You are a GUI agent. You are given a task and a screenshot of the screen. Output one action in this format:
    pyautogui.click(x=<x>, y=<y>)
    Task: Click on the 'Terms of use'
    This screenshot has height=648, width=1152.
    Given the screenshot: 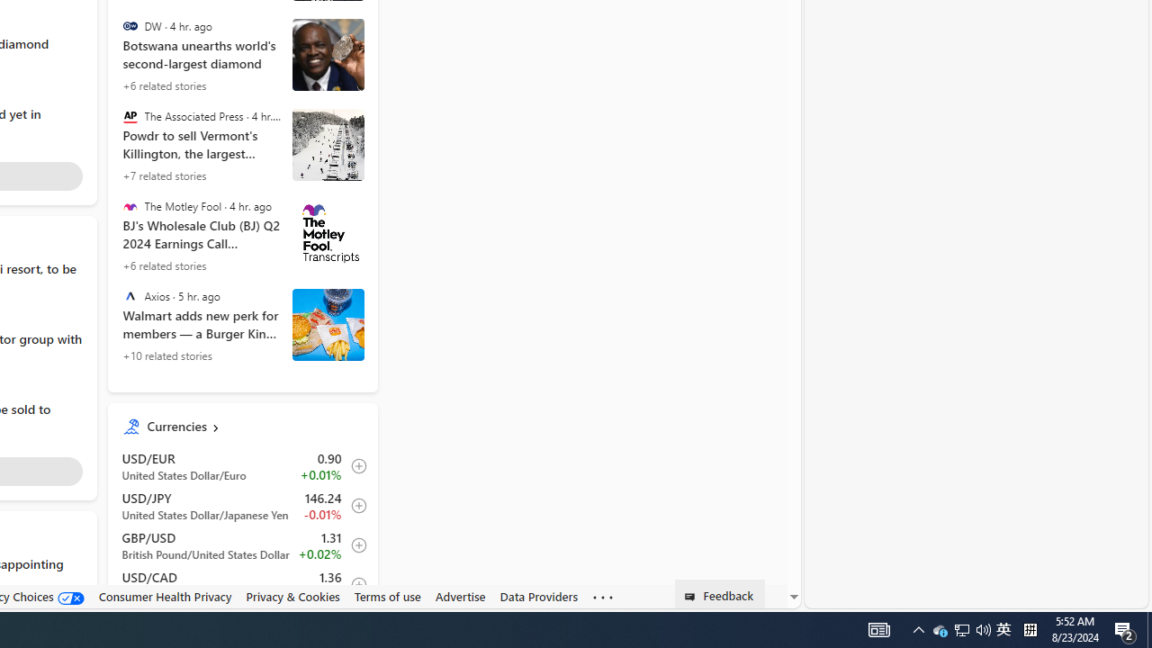 What is the action you would take?
    pyautogui.click(x=386, y=597)
    